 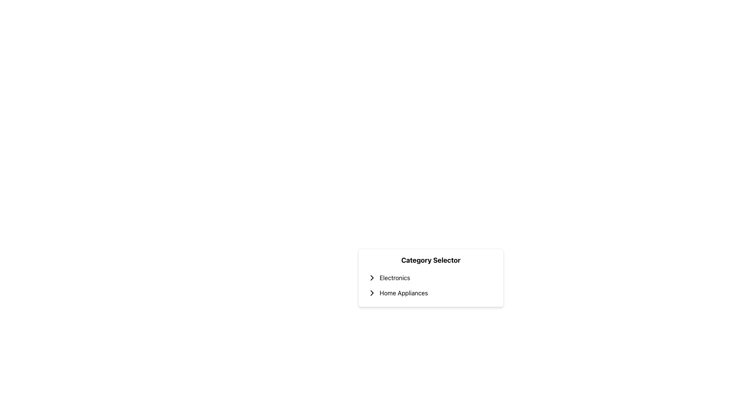 I want to click on the second item in the vertical list labeled 'Home Appliances', so click(x=431, y=292).